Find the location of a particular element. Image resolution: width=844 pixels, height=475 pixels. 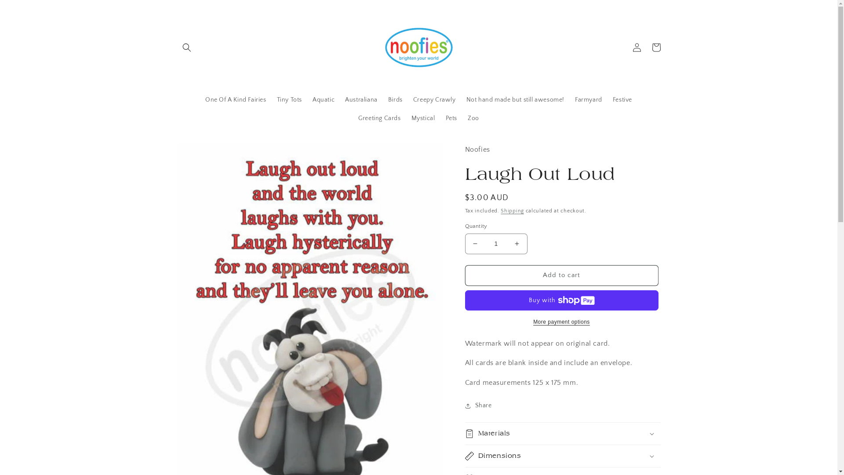

'Pets' is located at coordinates (451, 118).